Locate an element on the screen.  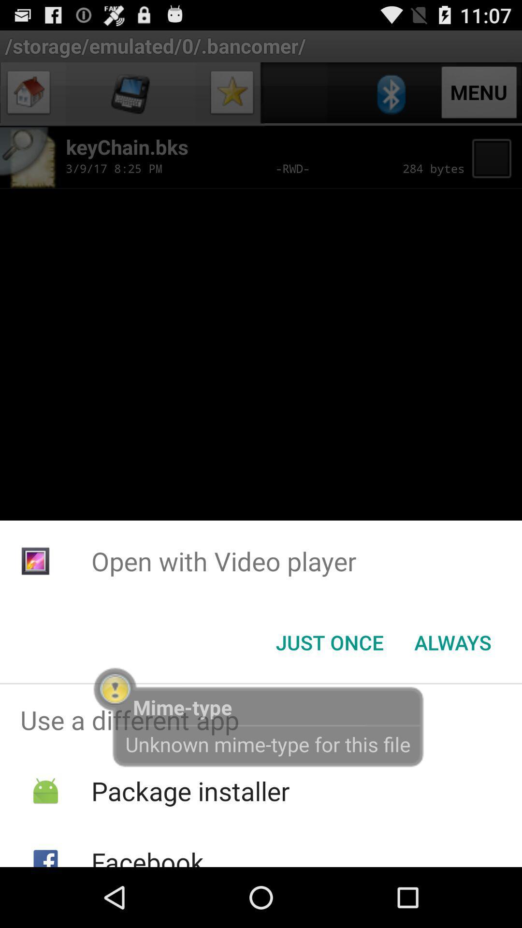
package installer is located at coordinates (190, 791).